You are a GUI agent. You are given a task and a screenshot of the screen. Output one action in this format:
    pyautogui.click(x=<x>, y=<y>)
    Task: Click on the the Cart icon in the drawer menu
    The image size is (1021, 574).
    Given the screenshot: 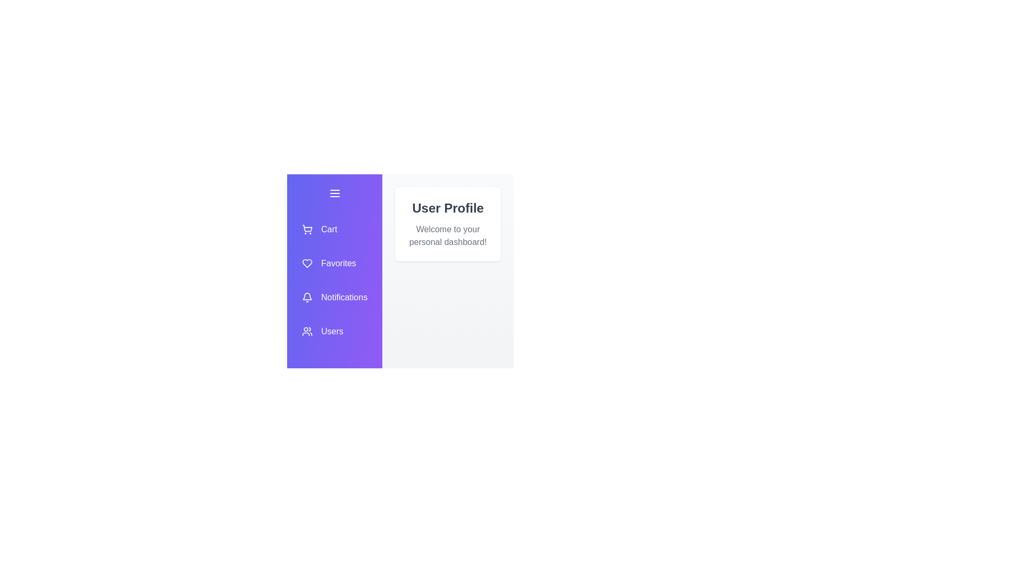 What is the action you would take?
    pyautogui.click(x=334, y=229)
    